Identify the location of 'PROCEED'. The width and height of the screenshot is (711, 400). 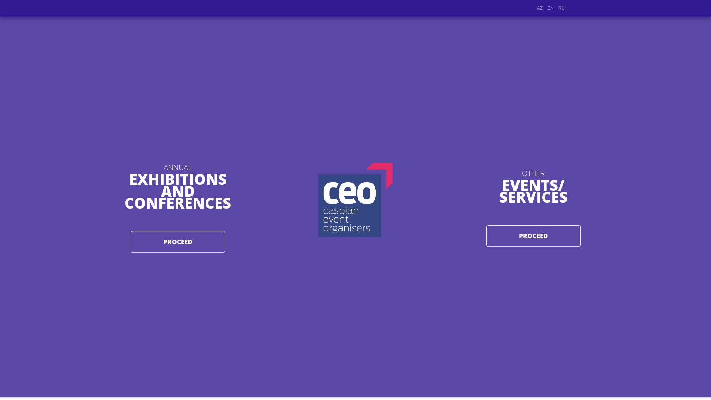
(533, 236).